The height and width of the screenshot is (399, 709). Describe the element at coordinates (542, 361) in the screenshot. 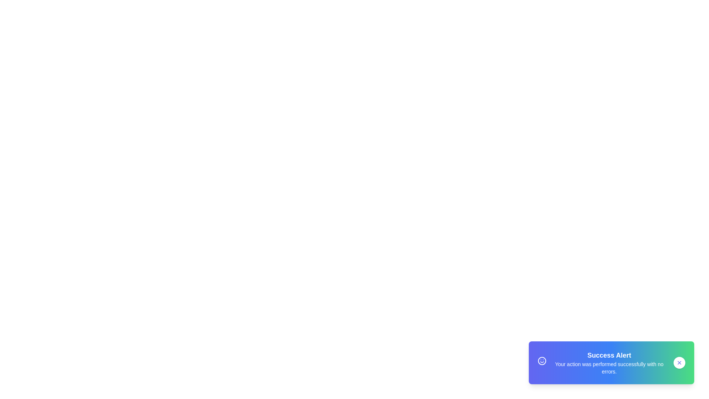

I see `the smile icon in the snackbar component` at that location.